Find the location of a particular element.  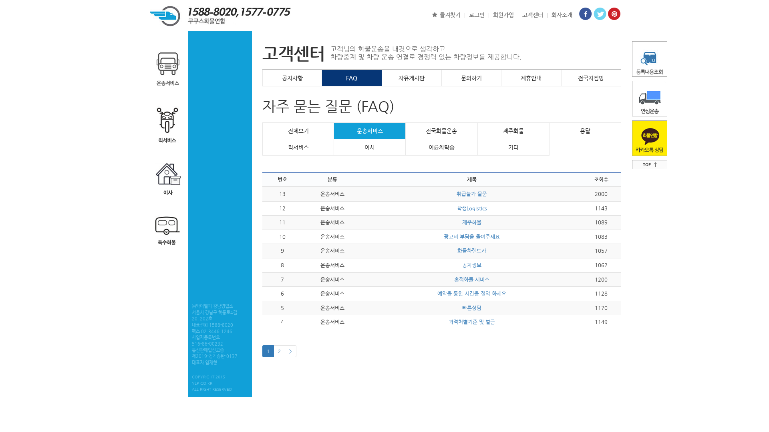

'FAQ' is located at coordinates (352, 78).